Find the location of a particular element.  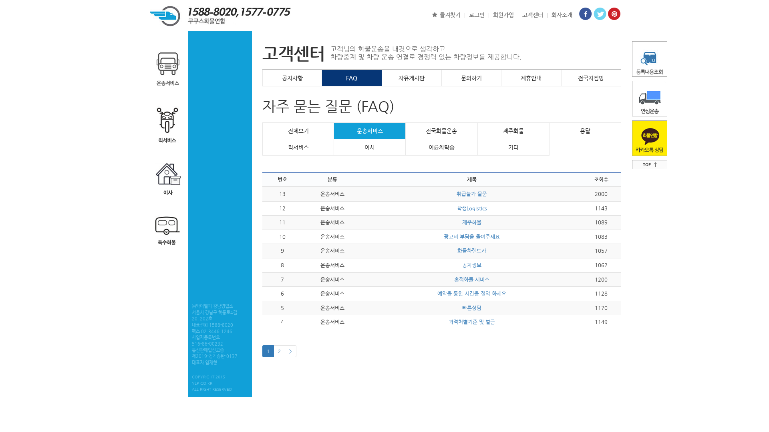

'FAQ' is located at coordinates (352, 78).